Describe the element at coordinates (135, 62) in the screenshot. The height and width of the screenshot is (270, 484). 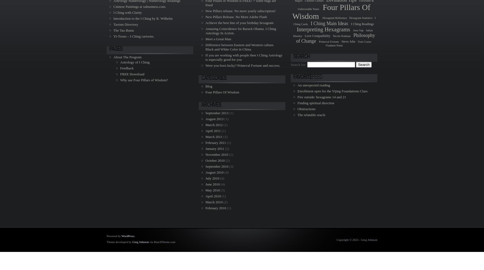
I see `'Astrology of I Ching'` at that location.